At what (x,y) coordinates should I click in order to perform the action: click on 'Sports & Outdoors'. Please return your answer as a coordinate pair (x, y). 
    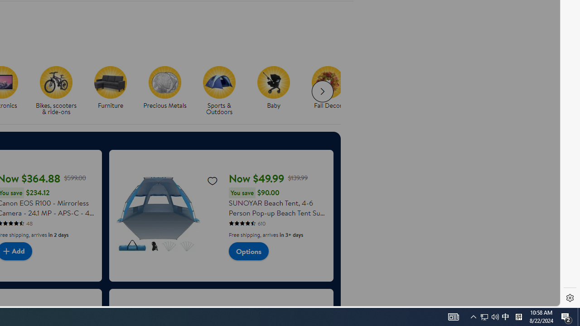
    Looking at the image, I should click on (223, 91).